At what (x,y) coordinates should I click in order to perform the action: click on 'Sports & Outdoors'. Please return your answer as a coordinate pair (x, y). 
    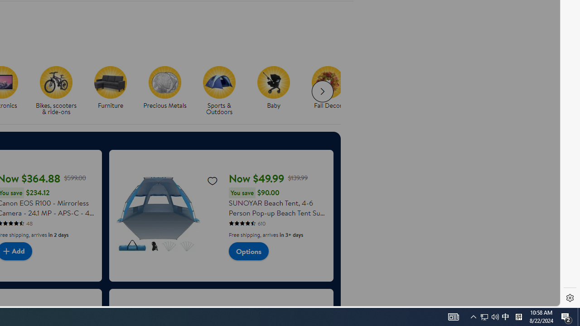
    Looking at the image, I should click on (223, 91).